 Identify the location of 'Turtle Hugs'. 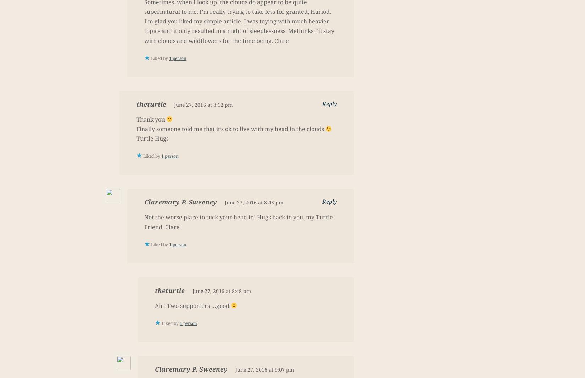
(152, 138).